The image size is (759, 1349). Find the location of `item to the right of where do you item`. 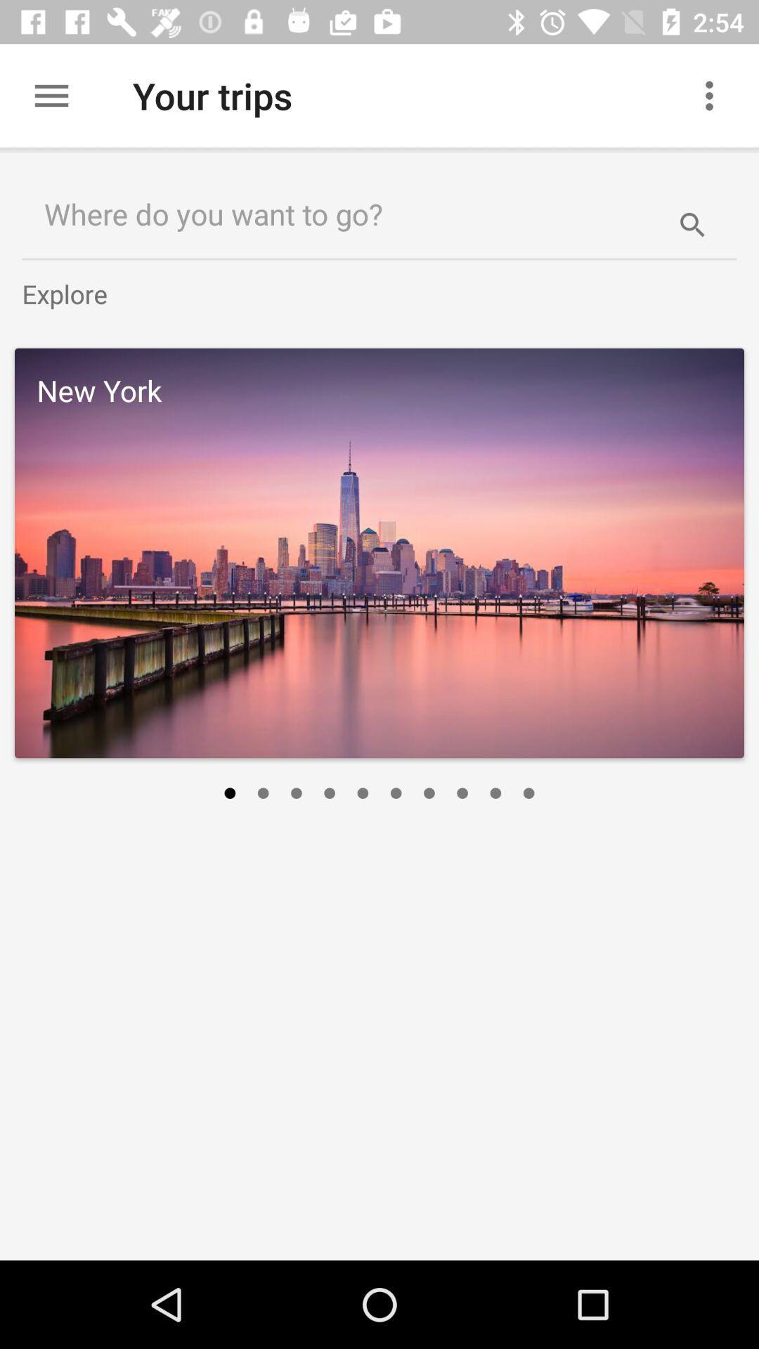

item to the right of where do you item is located at coordinates (692, 213).